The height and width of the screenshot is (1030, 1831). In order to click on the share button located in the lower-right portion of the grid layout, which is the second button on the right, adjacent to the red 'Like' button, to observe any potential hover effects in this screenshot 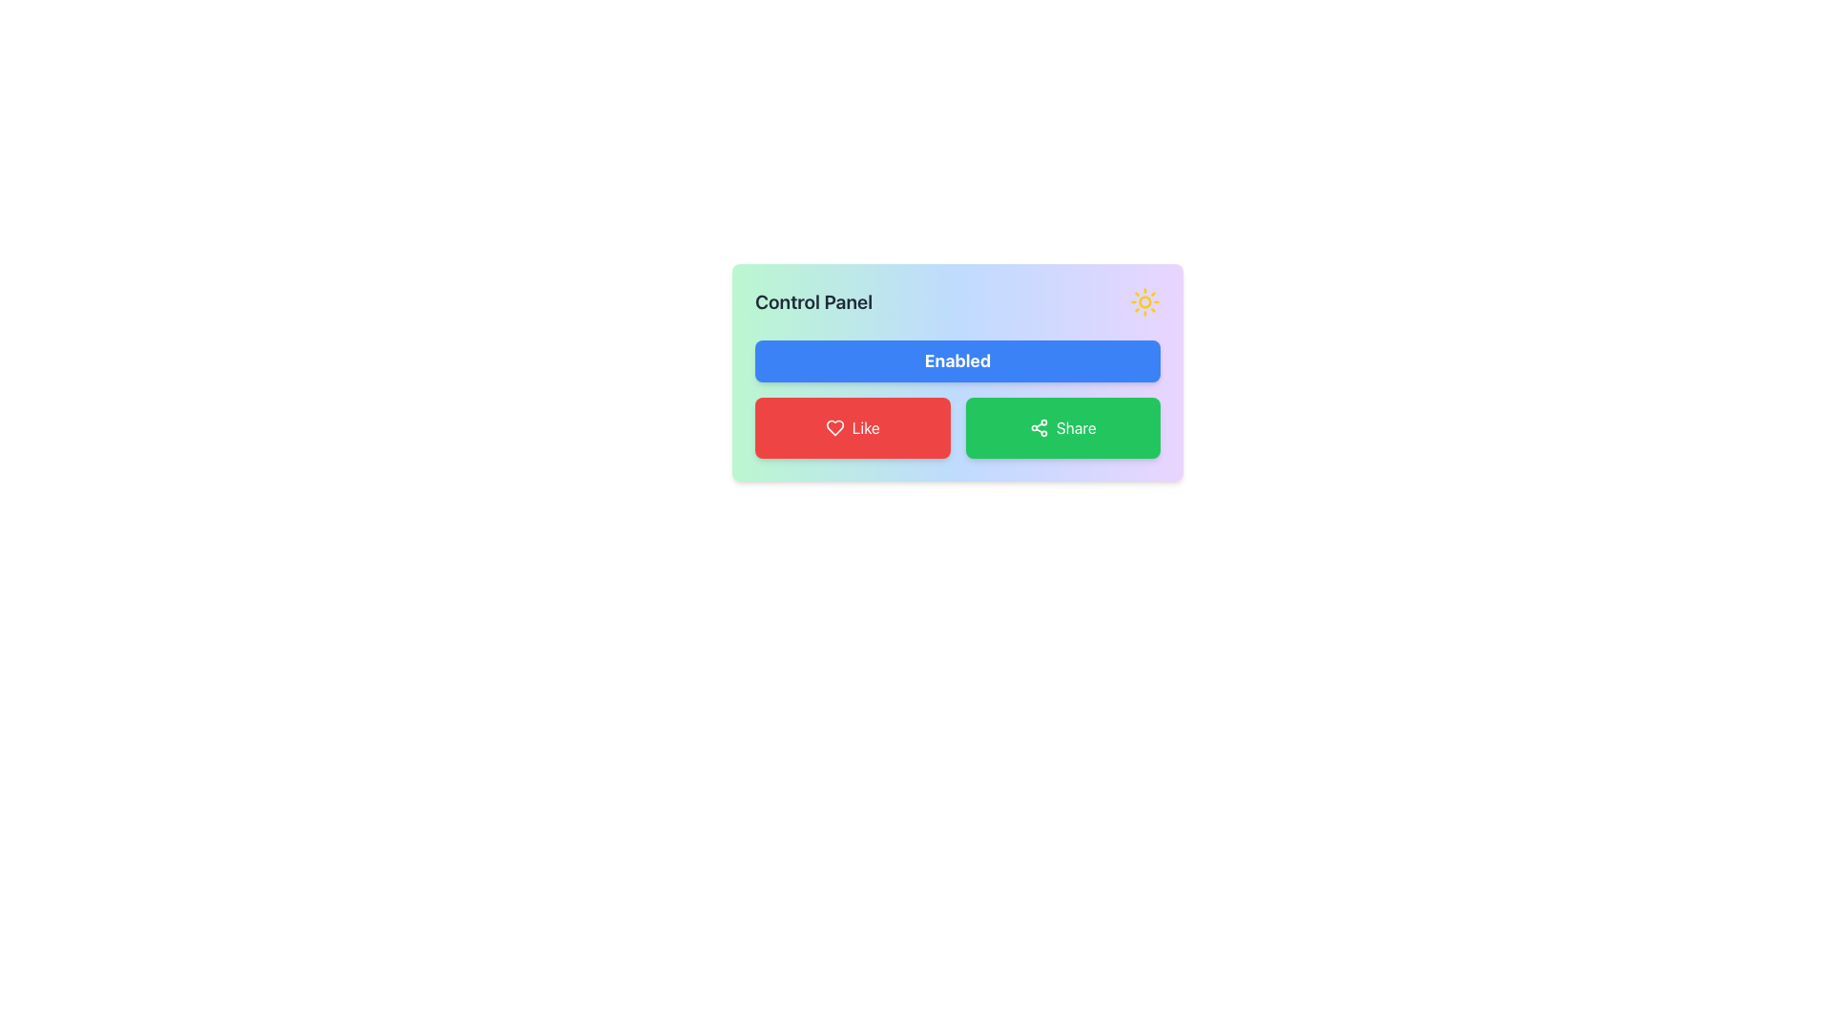, I will do `click(1061, 426)`.